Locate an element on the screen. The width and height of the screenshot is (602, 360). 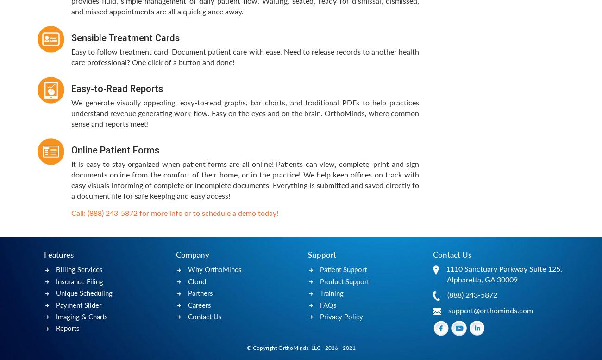
'Reports' is located at coordinates (67, 327).